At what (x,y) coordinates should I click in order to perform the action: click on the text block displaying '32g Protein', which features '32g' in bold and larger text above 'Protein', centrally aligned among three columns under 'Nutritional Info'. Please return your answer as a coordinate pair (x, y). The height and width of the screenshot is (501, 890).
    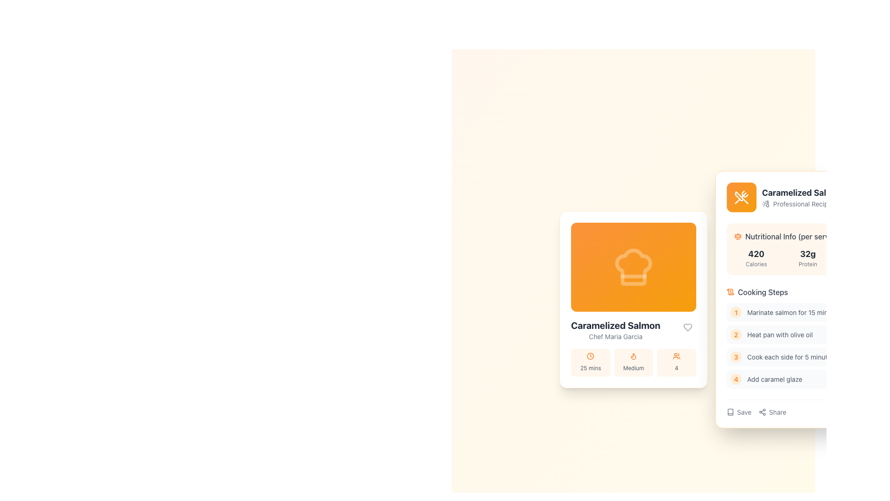
    Looking at the image, I should click on (807, 257).